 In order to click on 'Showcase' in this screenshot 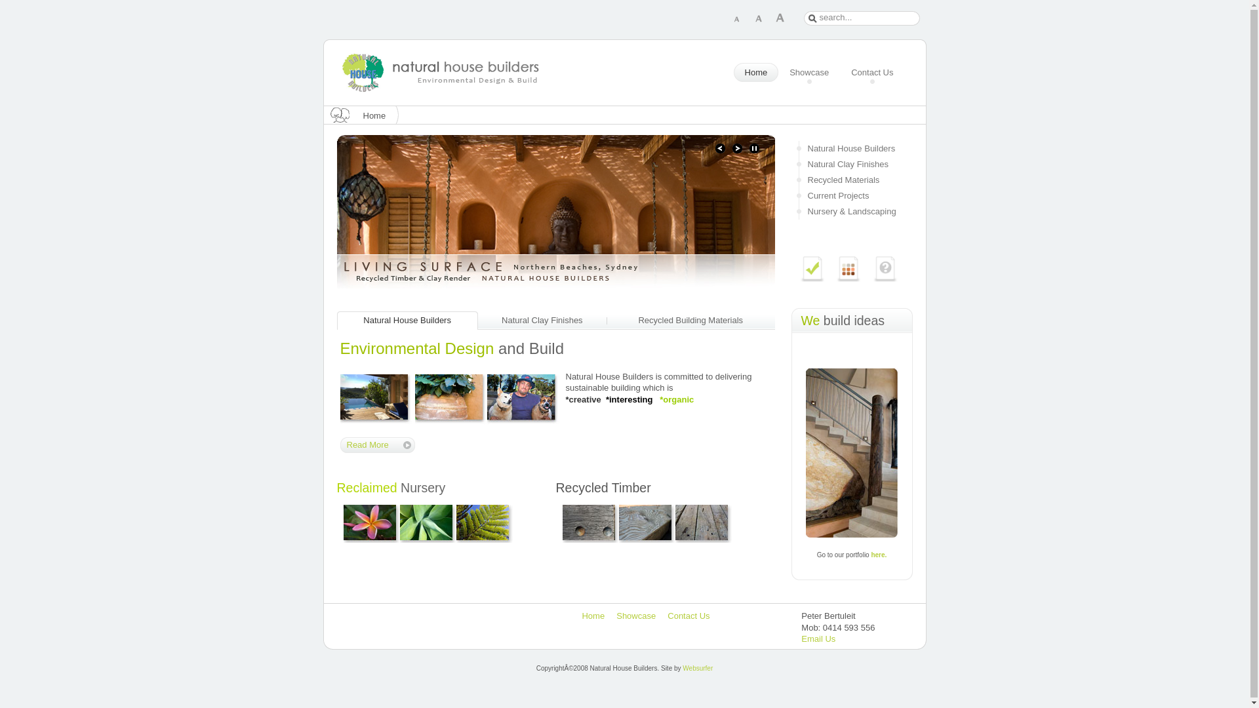, I will do `click(635, 616)`.